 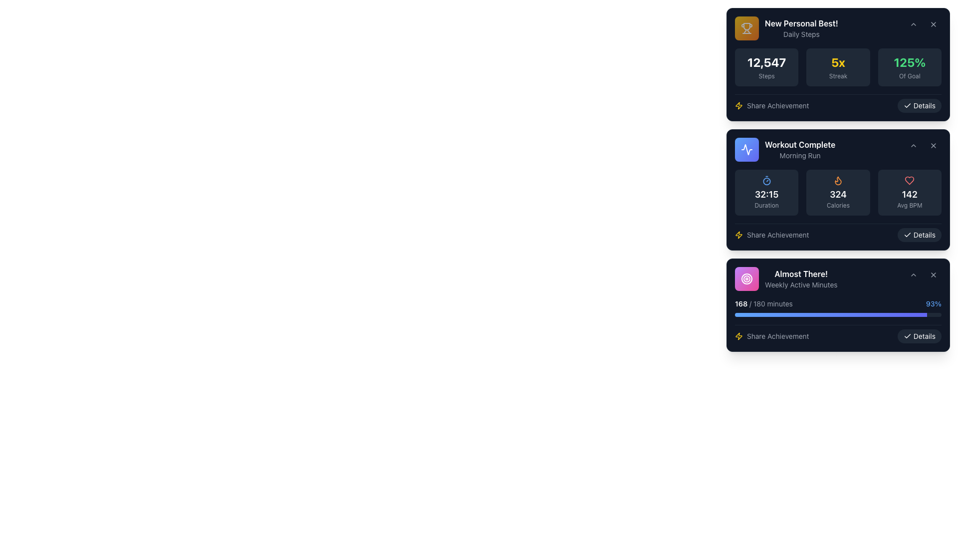 What do you see at coordinates (838, 205) in the screenshot?
I see `the statistical summary display located in the 'Workout Complete' card, which consists of three sections: Duration, Calories, and Avg BPM` at bounding box center [838, 205].